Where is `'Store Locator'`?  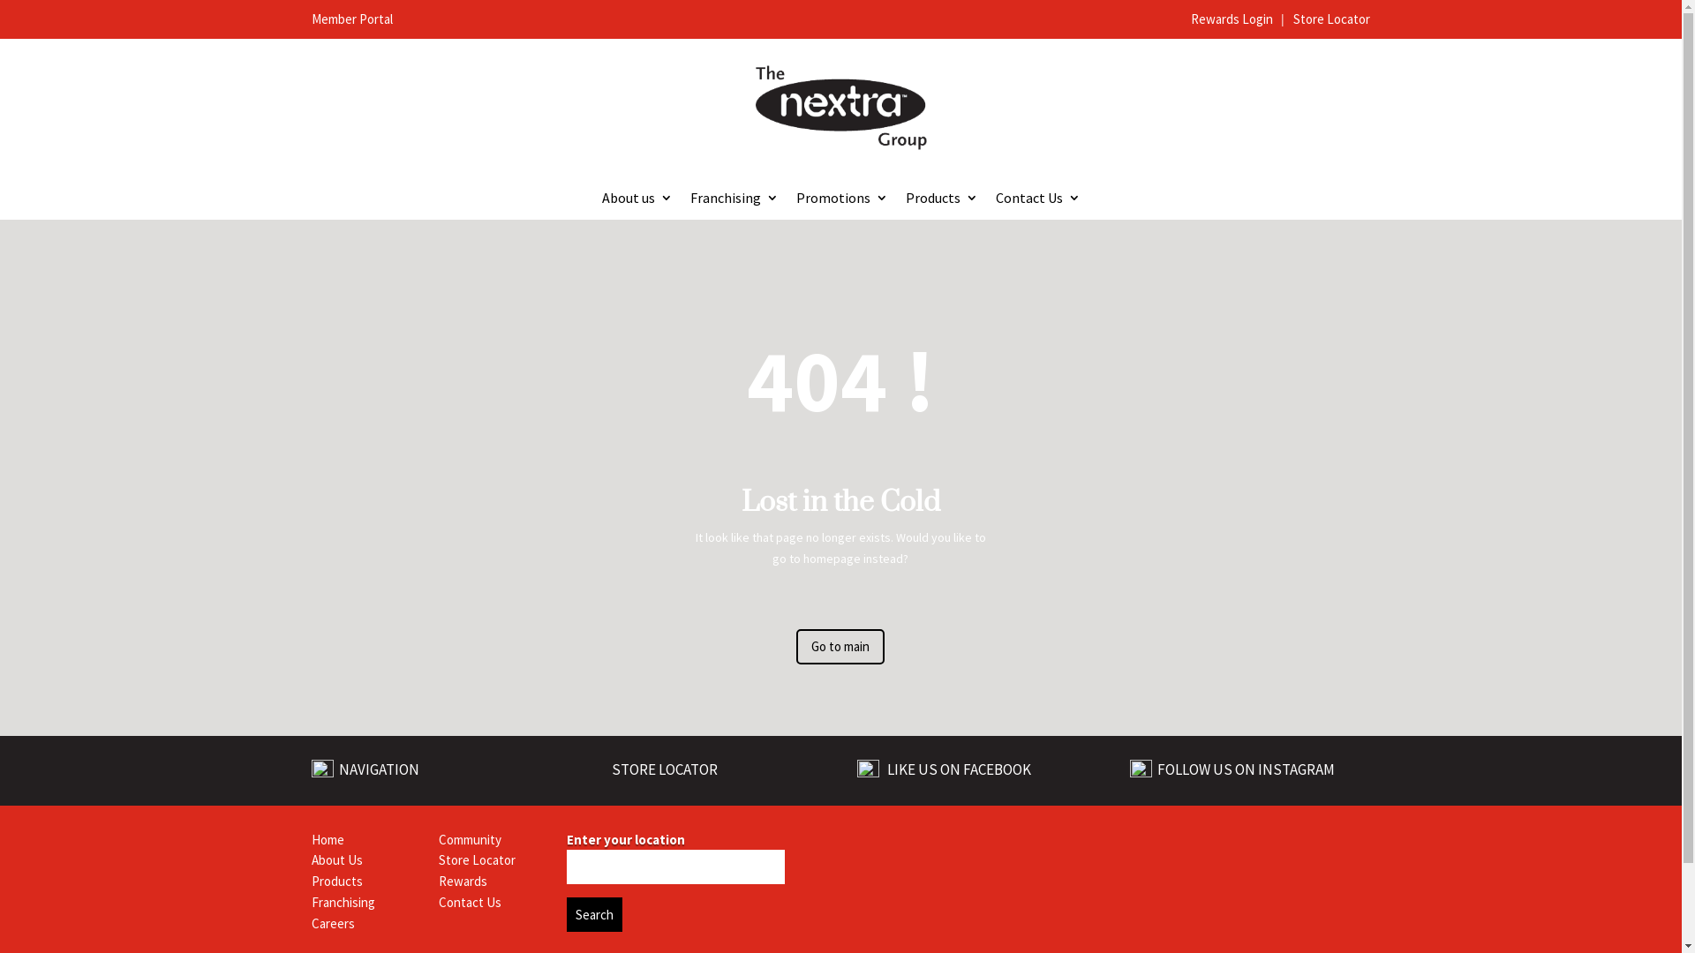
'Store Locator' is located at coordinates (1331, 19).